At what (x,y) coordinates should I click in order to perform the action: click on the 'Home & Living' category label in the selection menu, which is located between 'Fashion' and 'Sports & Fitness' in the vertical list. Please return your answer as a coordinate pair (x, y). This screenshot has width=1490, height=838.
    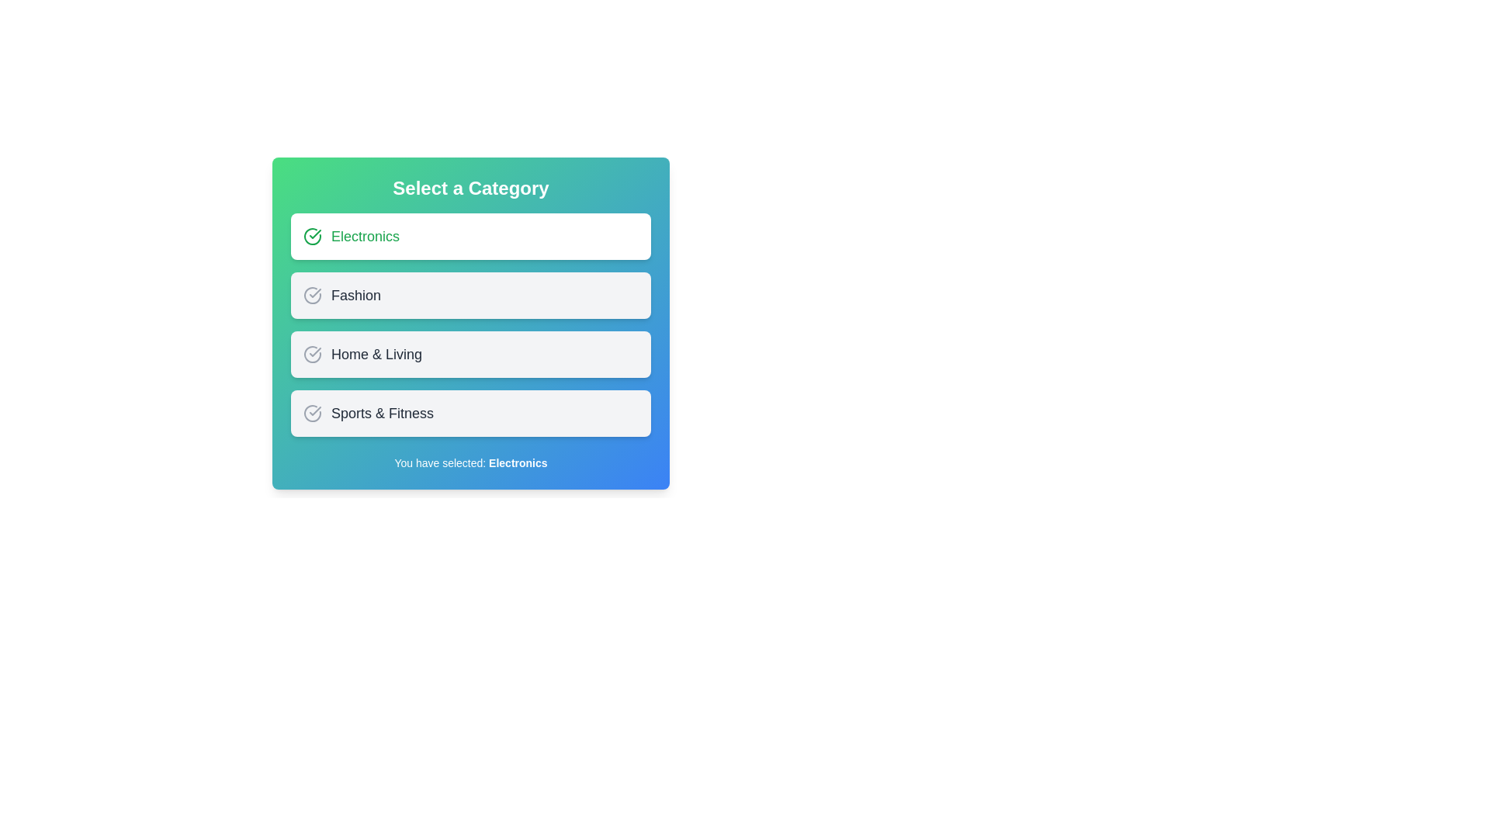
    Looking at the image, I should click on (376, 354).